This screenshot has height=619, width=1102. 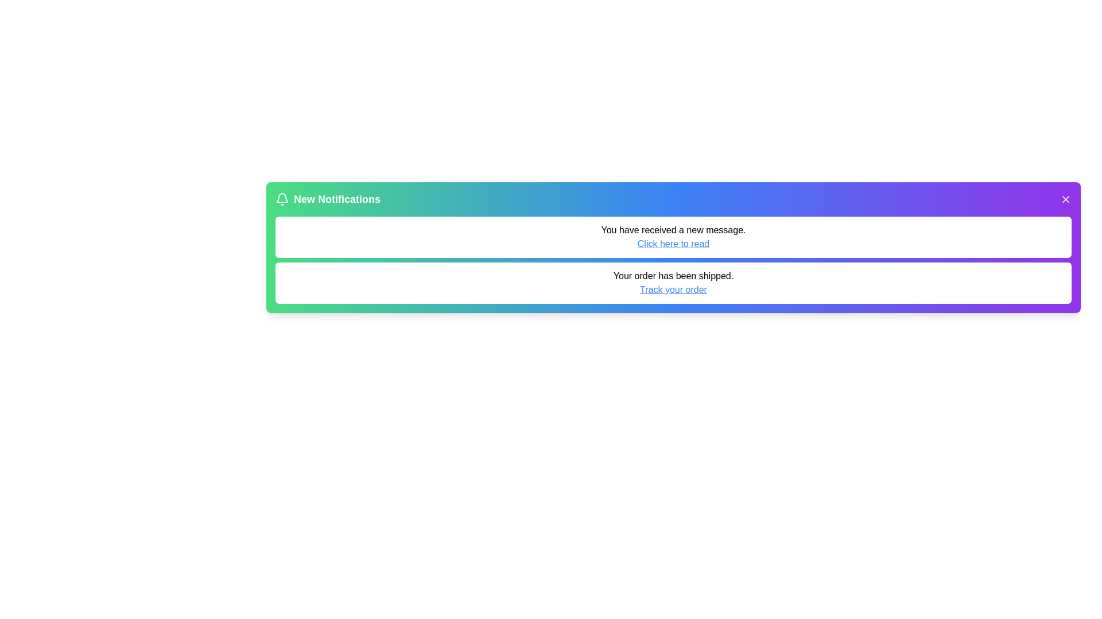 What do you see at coordinates (282, 197) in the screenshot?
I see `the bell icon located at the leftmost side of the notification header` at bounding box center [282, 197].